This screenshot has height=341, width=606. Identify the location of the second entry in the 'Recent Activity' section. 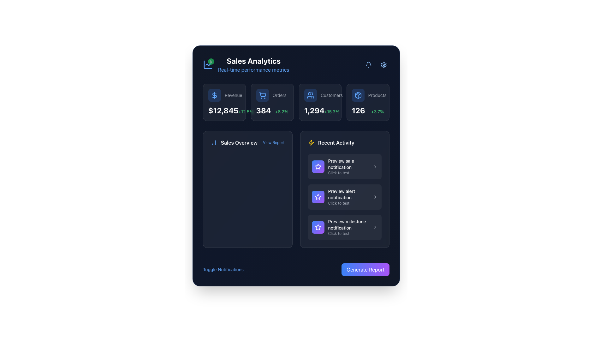
(344, 197).